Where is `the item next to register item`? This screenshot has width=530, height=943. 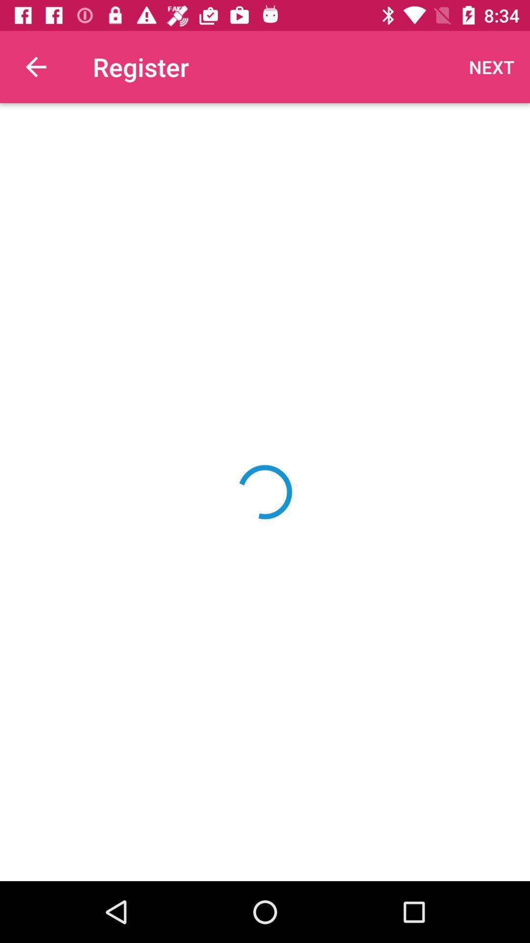 the item next to register item is located at coordinates (492, 66).